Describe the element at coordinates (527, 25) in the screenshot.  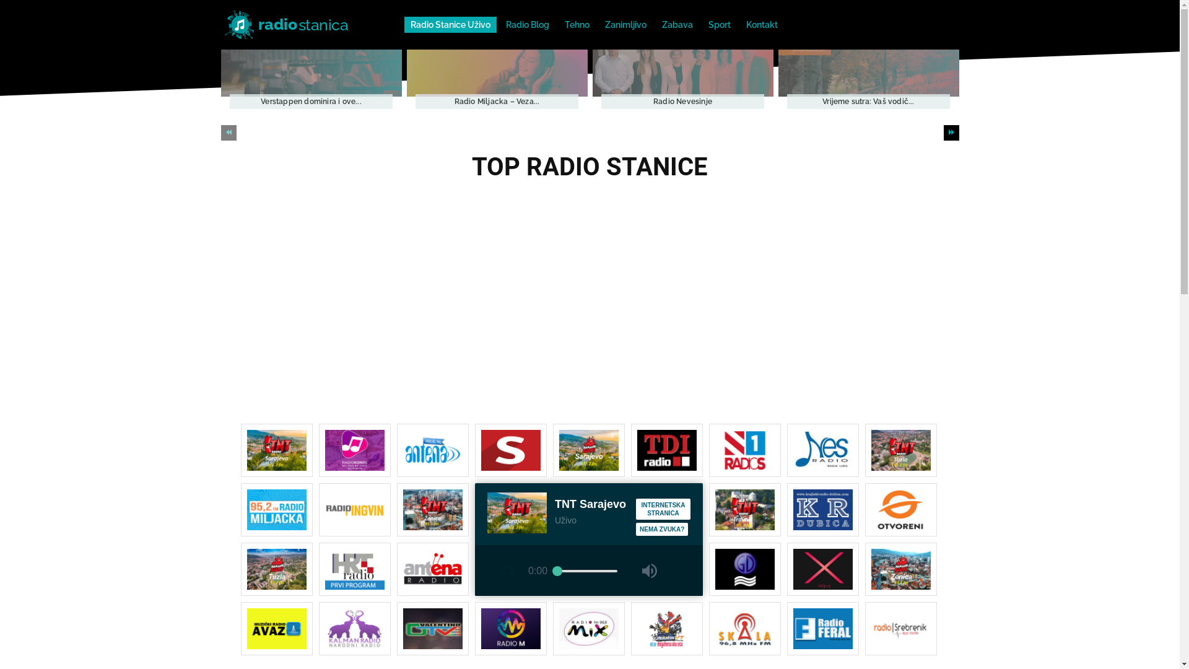
I see `'Radio Blog'` at that location.